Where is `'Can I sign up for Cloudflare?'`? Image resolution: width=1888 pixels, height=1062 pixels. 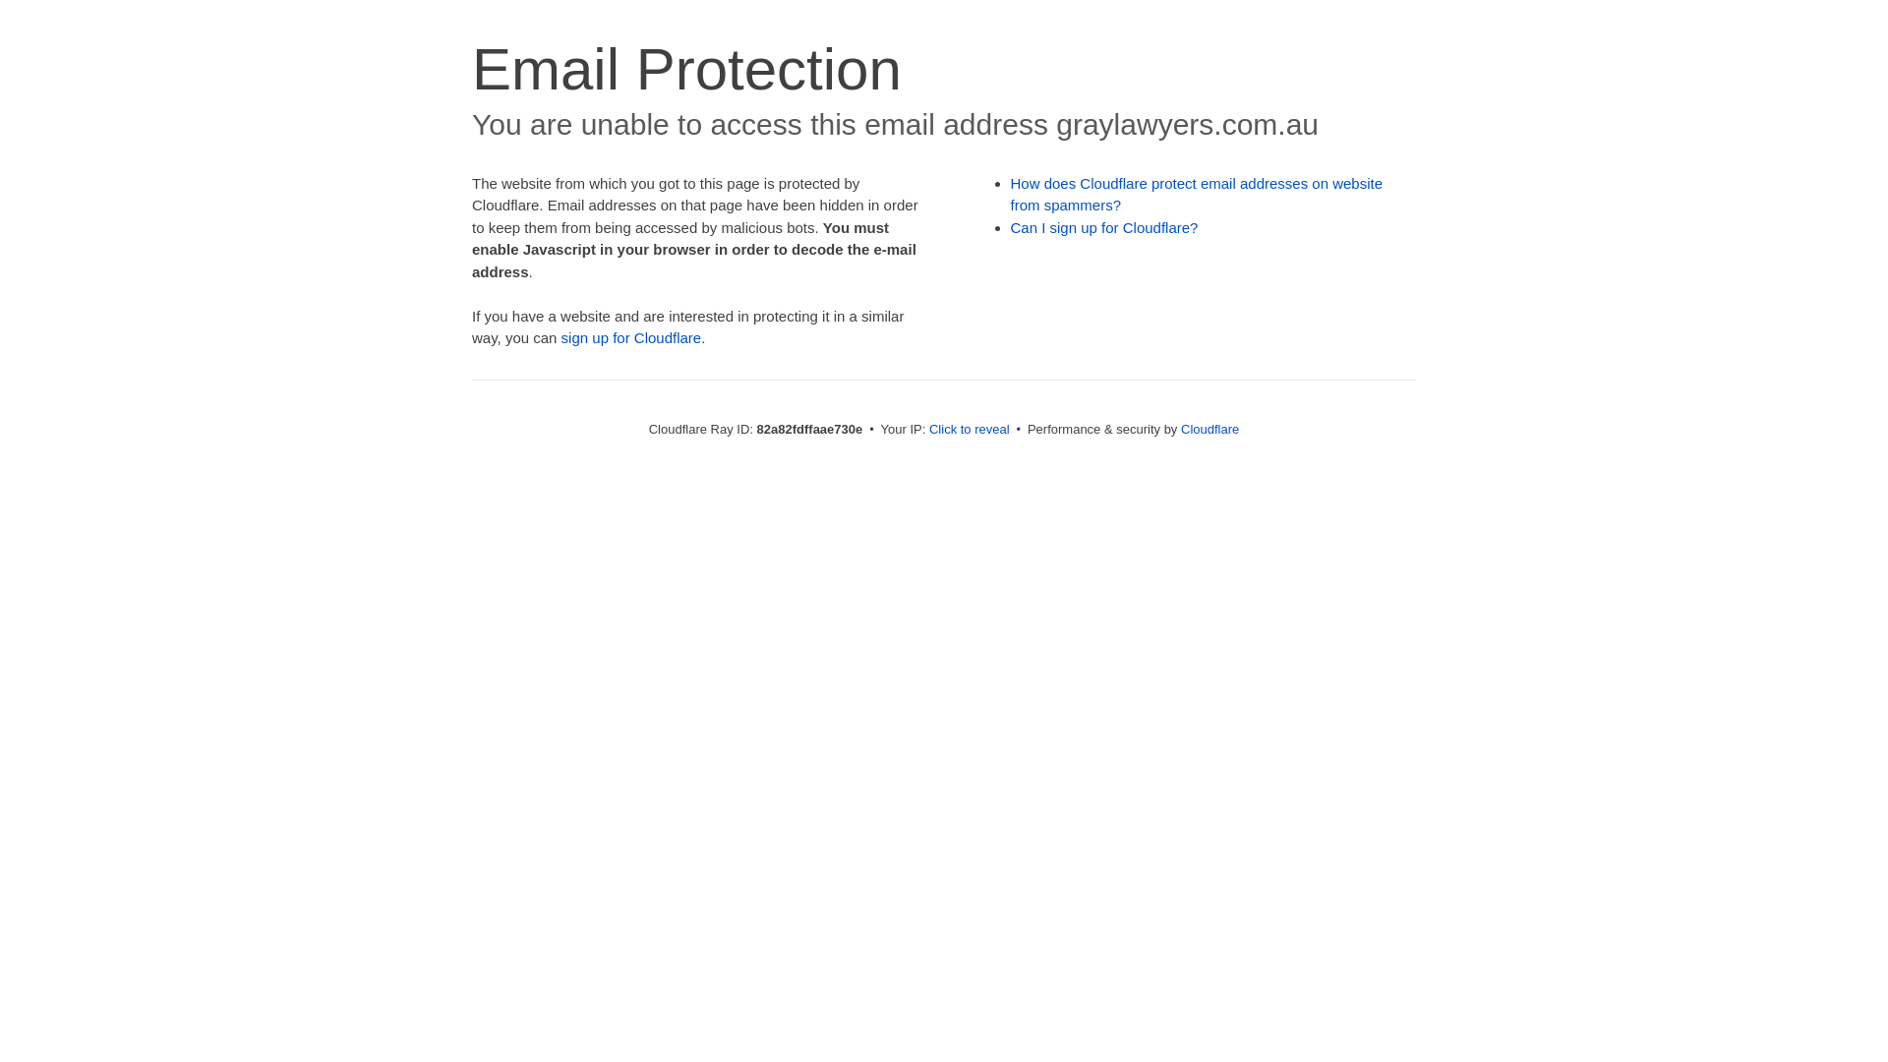
'Can I sign up for Cloudflare?' is located at coordinates (1104, 226).